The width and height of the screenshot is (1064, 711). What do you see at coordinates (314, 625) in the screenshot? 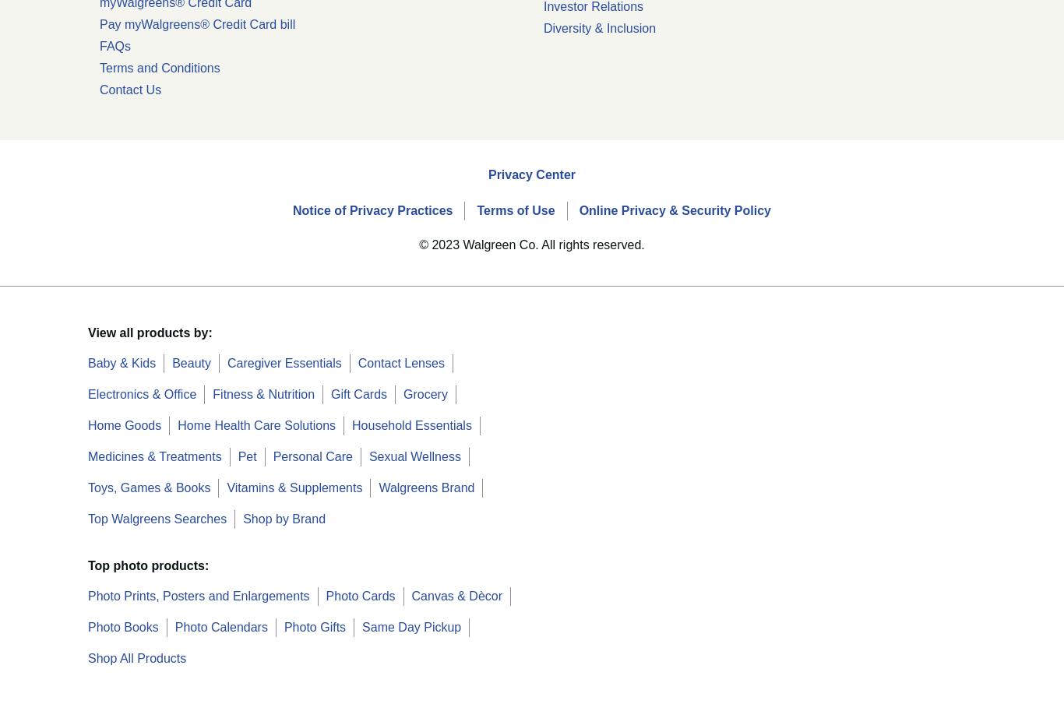
I see `'Photo Gifts'` at bounding box center [314, 625].